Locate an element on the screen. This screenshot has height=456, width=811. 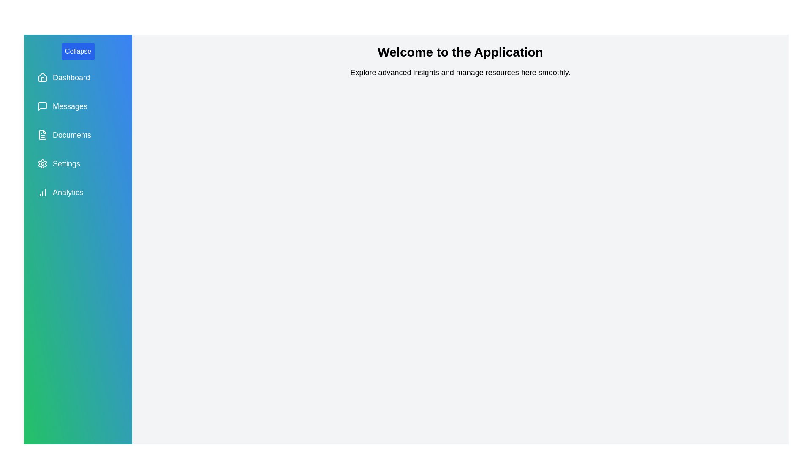
the navigation option Dashboard to navigate to the respective section is located at coordinates (78, 78).